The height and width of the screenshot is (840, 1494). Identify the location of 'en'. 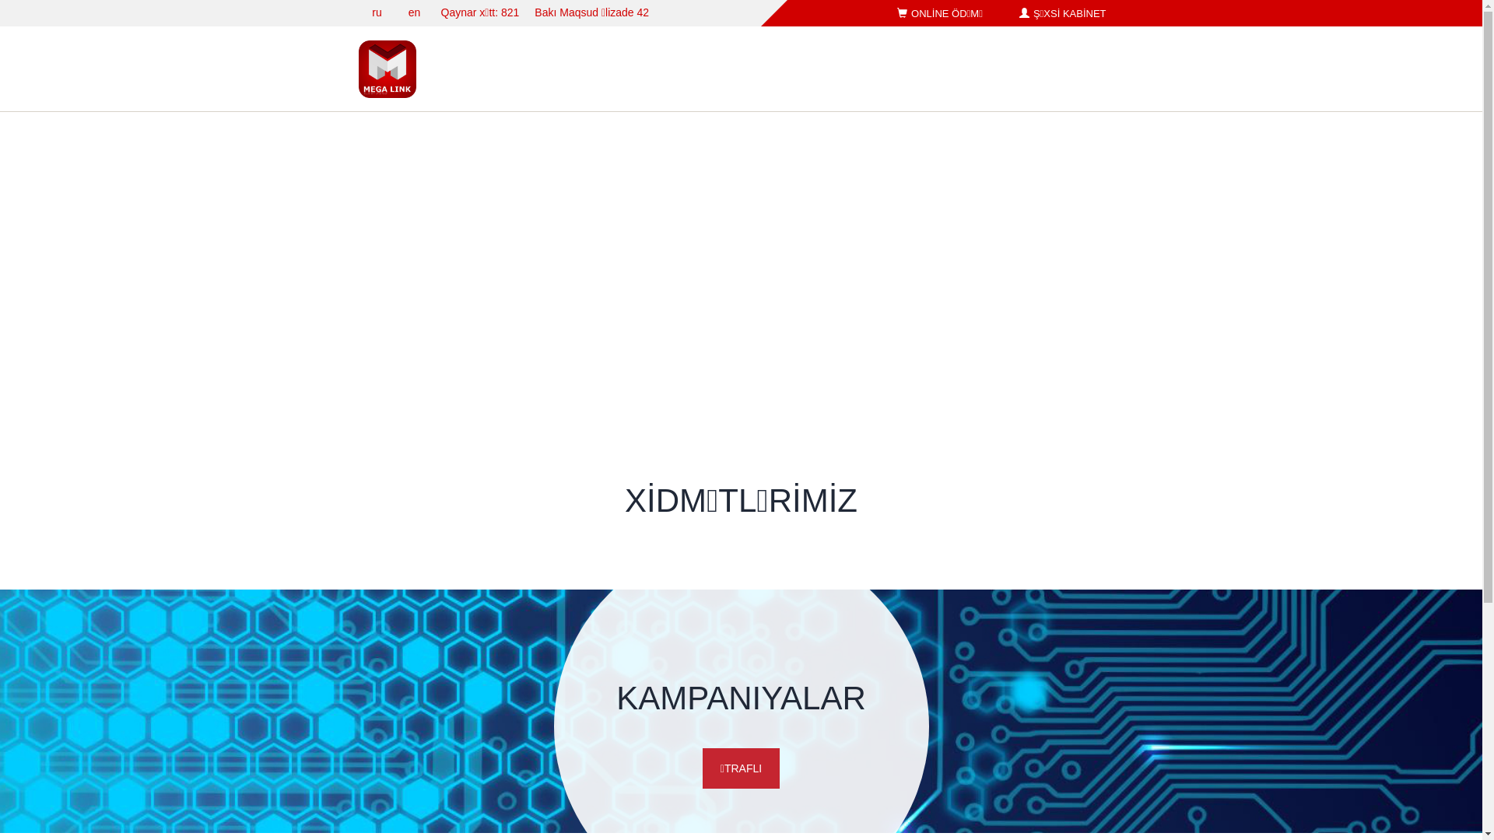
(414, 12).